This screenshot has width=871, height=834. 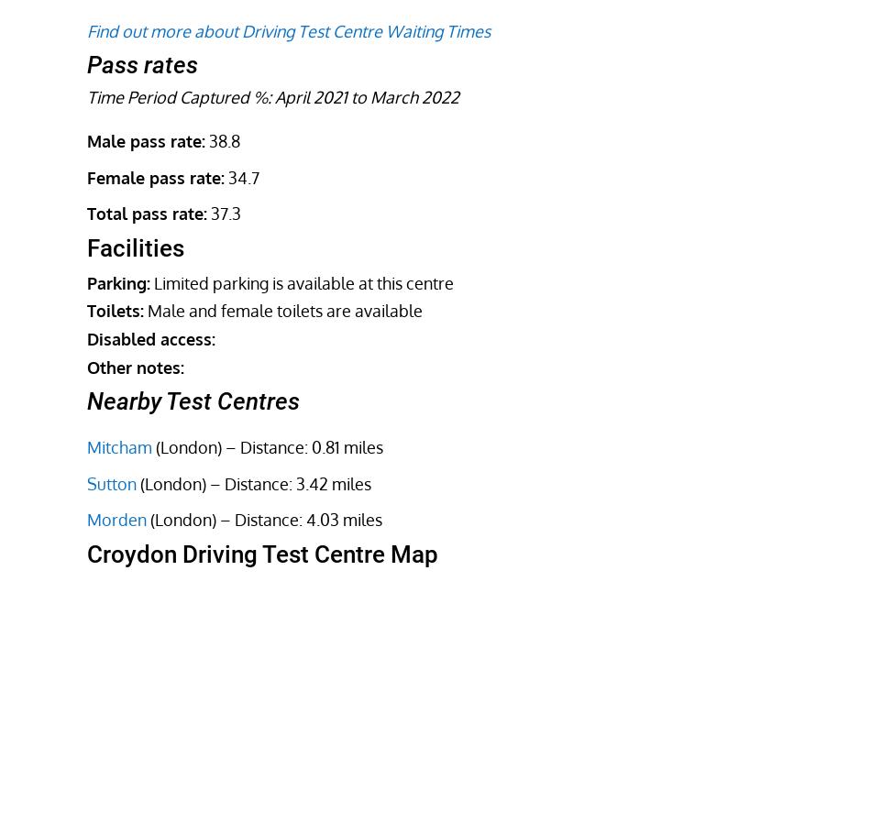 I want to click on 'Parking:', so click(x=118, y=282).